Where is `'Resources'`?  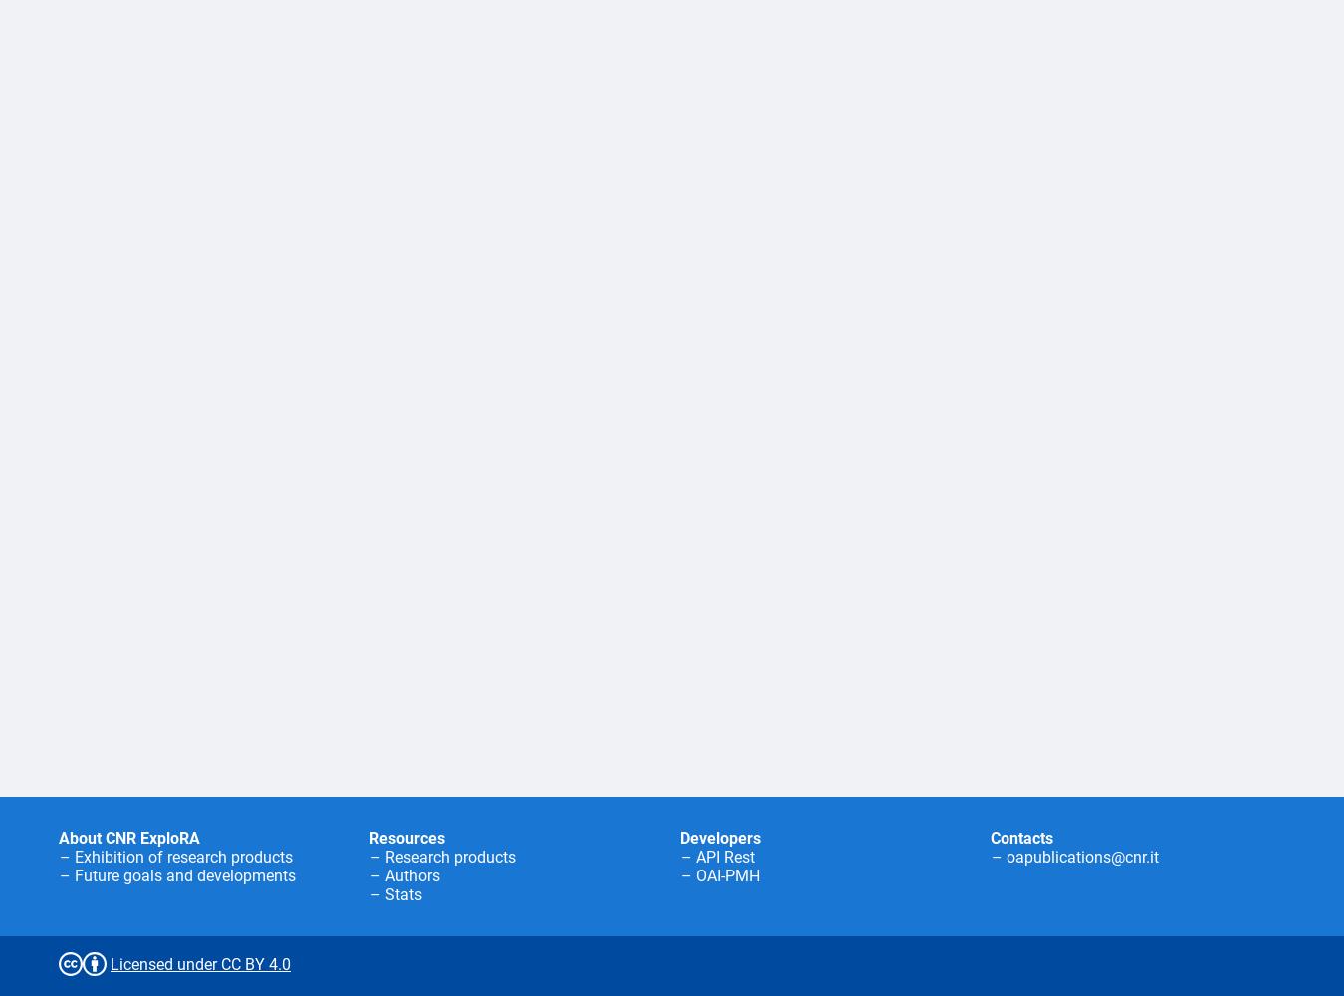 'Resources' is located at coordinates (407, 837).